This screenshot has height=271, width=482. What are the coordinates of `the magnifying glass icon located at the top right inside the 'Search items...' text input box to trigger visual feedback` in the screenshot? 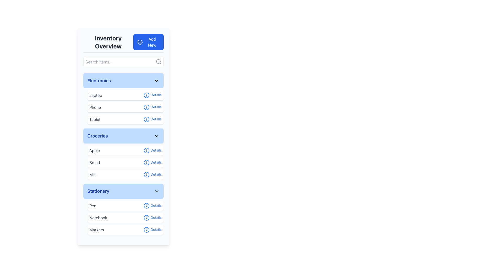 It's located at (158, 61).